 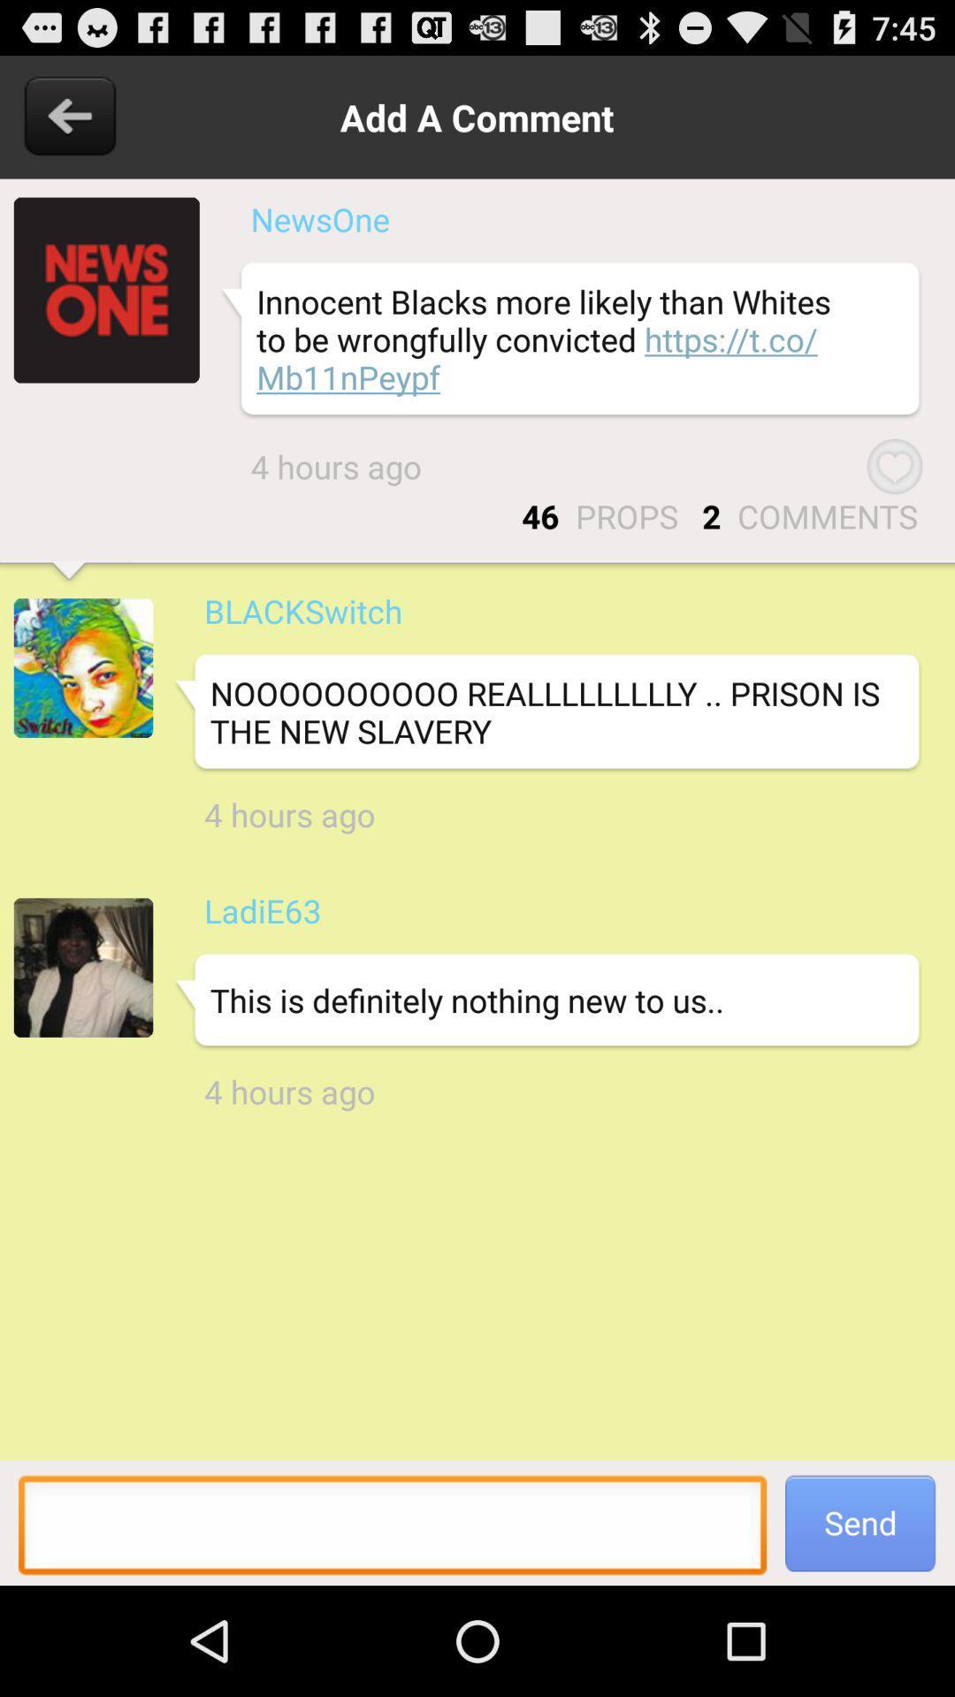 I want to click on creat message, so click(x=391, y=1529).